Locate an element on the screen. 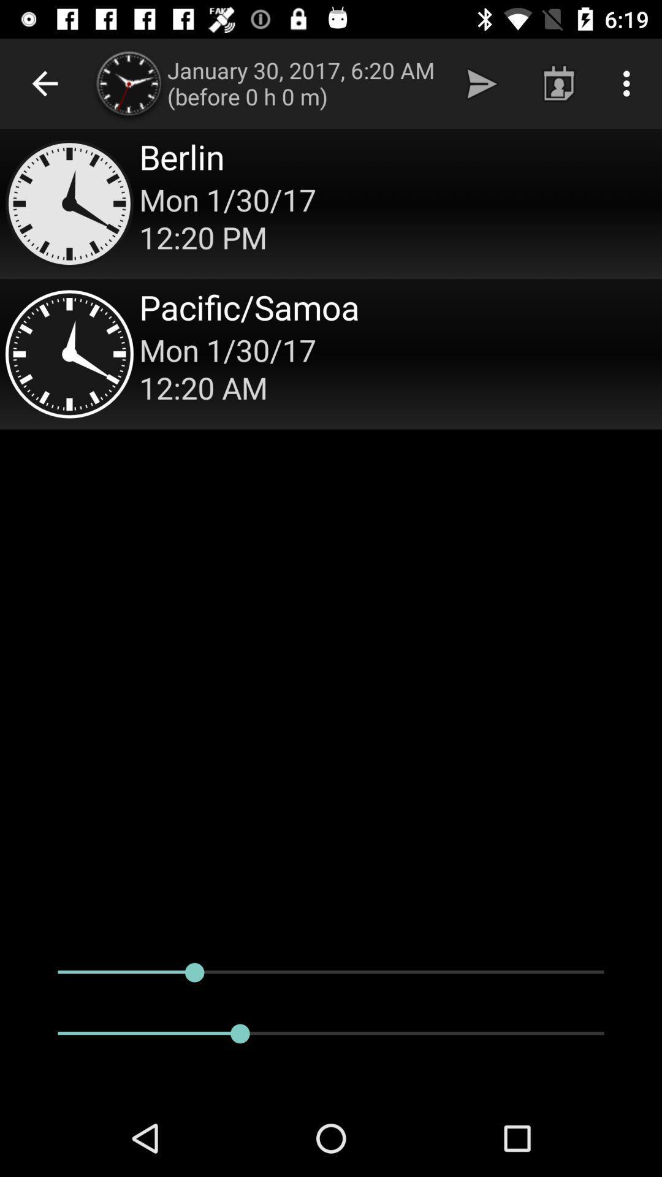 This screenshot has height=1177, width=662. berlin time zone options is located at coordinates (331, 204).